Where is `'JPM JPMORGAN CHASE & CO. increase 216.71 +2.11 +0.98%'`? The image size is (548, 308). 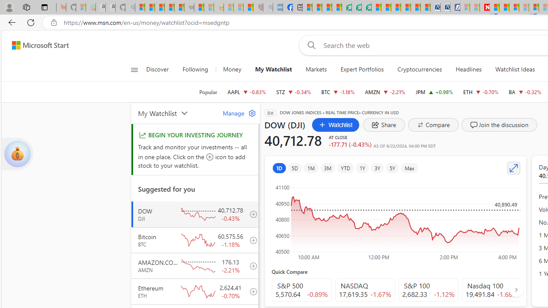 'JPM JPMORGAN CHASE & CO. increase 216.71 +2.11 +0.98%' is located at coordinates (434, 92).